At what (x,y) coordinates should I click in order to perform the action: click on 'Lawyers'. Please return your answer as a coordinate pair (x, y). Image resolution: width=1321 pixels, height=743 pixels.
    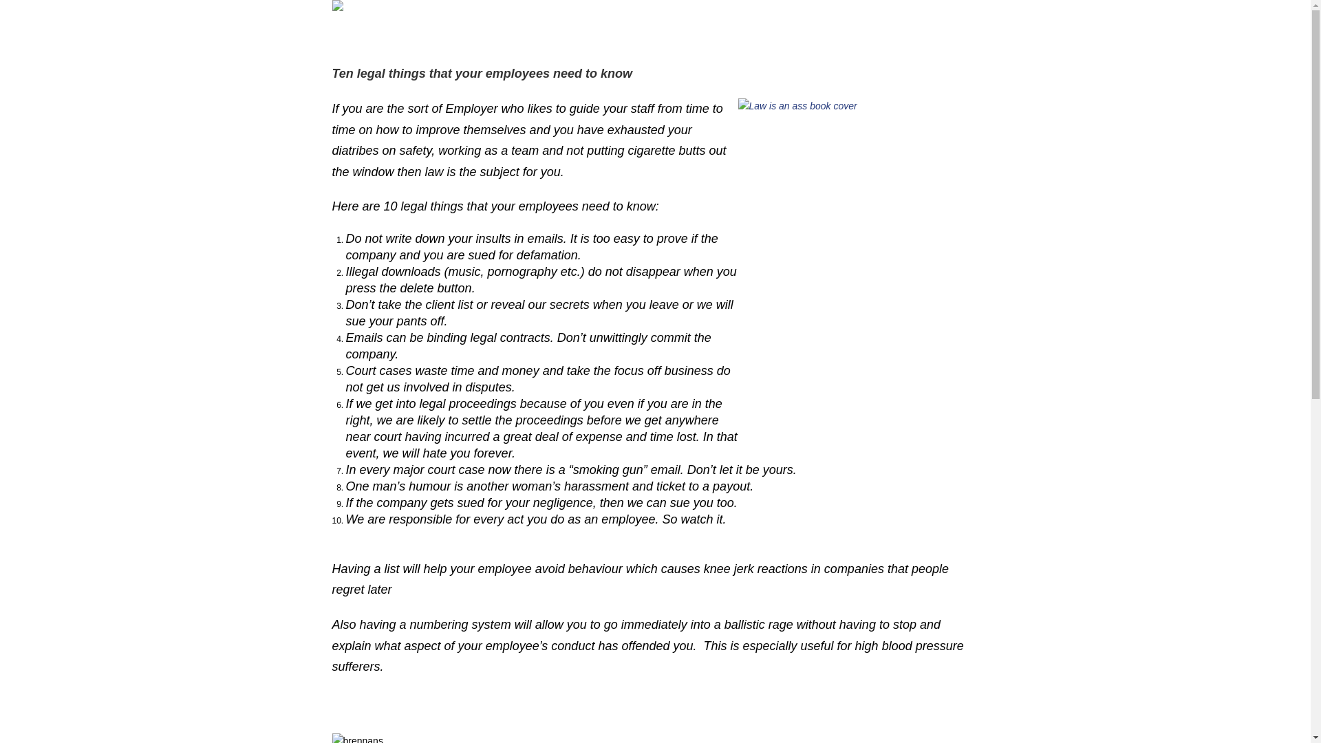
    Looking at the image, I should click on (656, 29).